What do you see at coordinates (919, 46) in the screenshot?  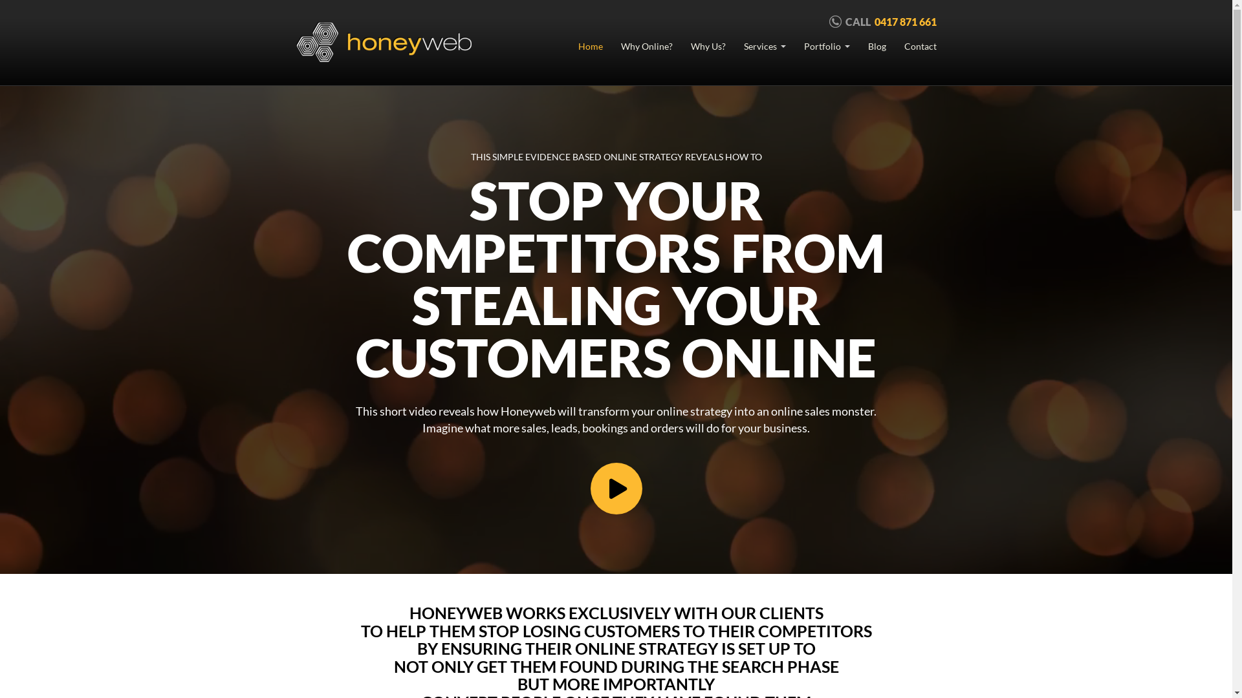 I see `'Contact'` at bounding box center [919, 46].